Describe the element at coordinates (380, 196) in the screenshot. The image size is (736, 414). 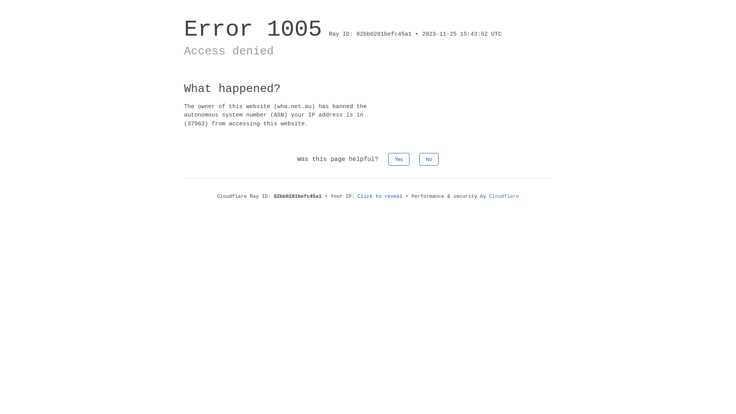
I see `'Click to reveal'` at that location.